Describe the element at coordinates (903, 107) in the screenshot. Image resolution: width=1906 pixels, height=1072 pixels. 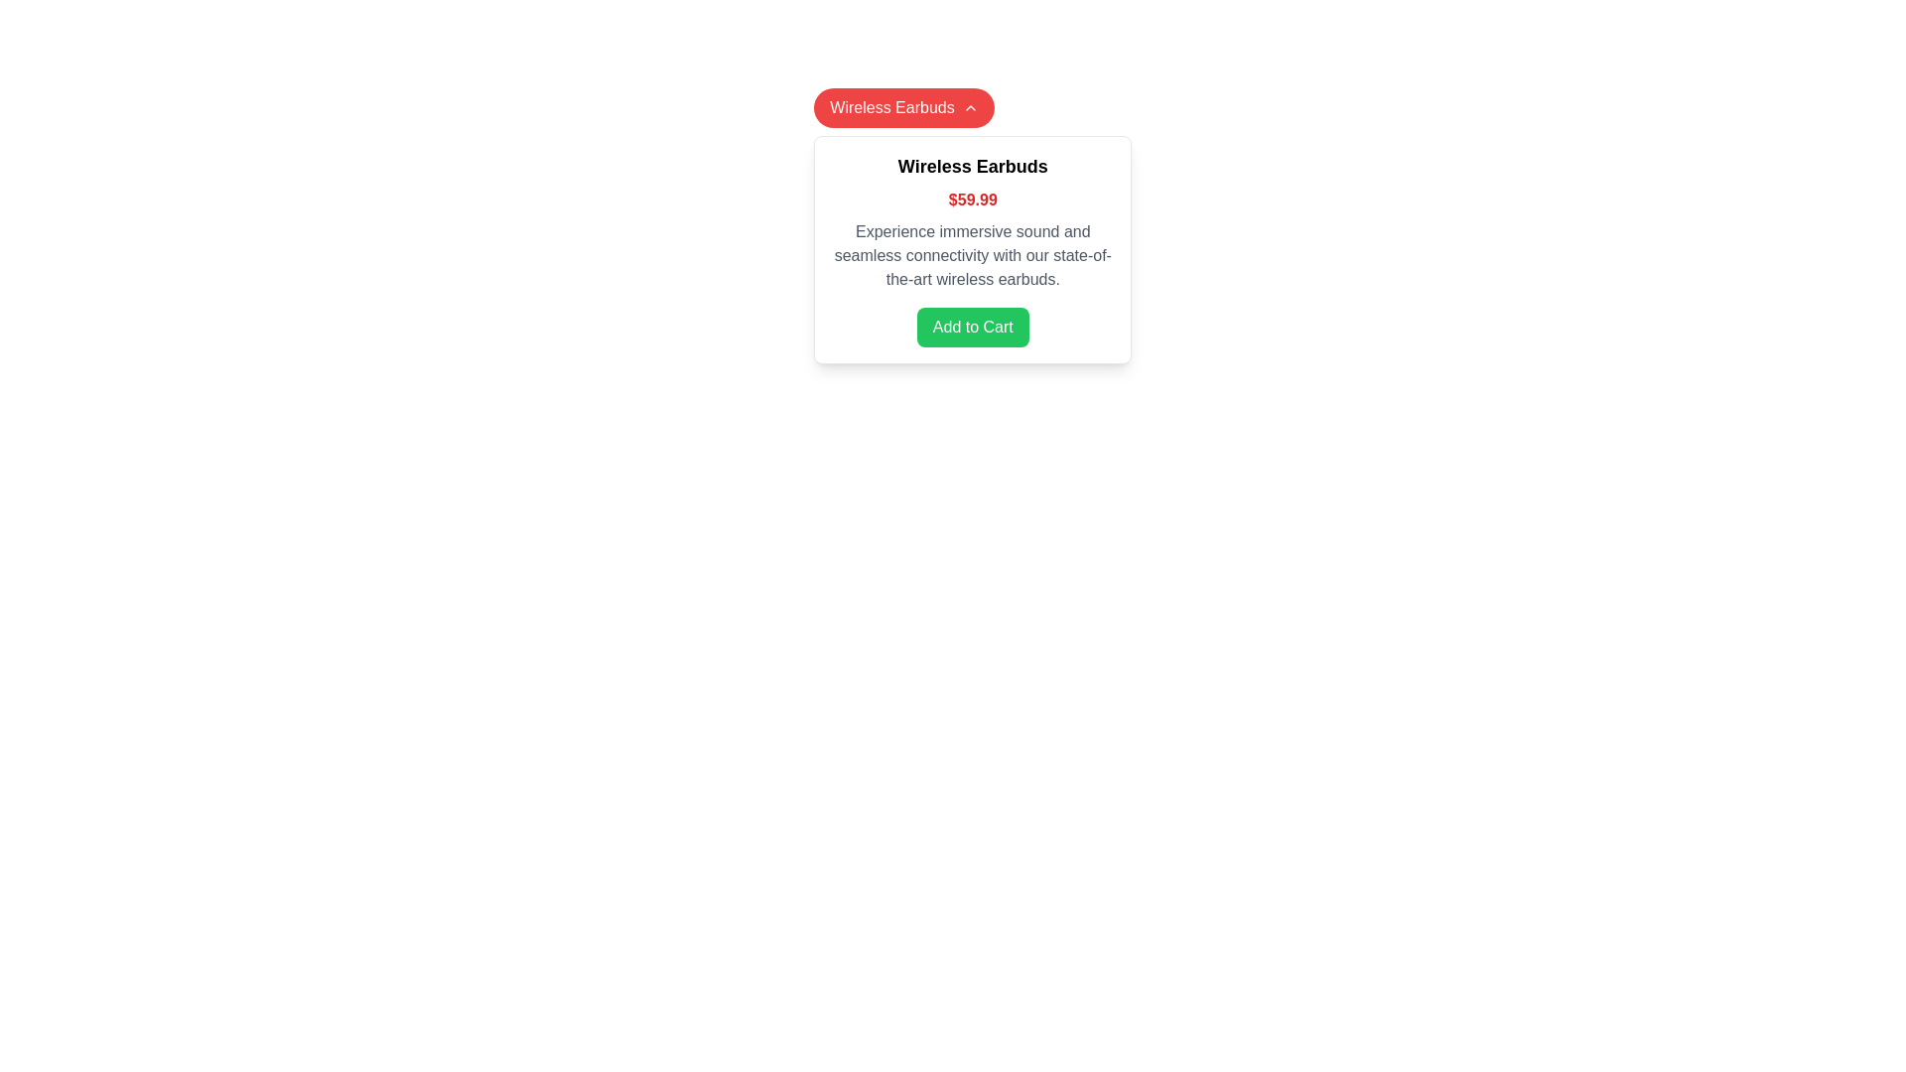
I see `the 'Wireless Earbuds' button, which is a horizontal rounded rectangular button with a red background and white text, located at the top of the product display section` at that location.